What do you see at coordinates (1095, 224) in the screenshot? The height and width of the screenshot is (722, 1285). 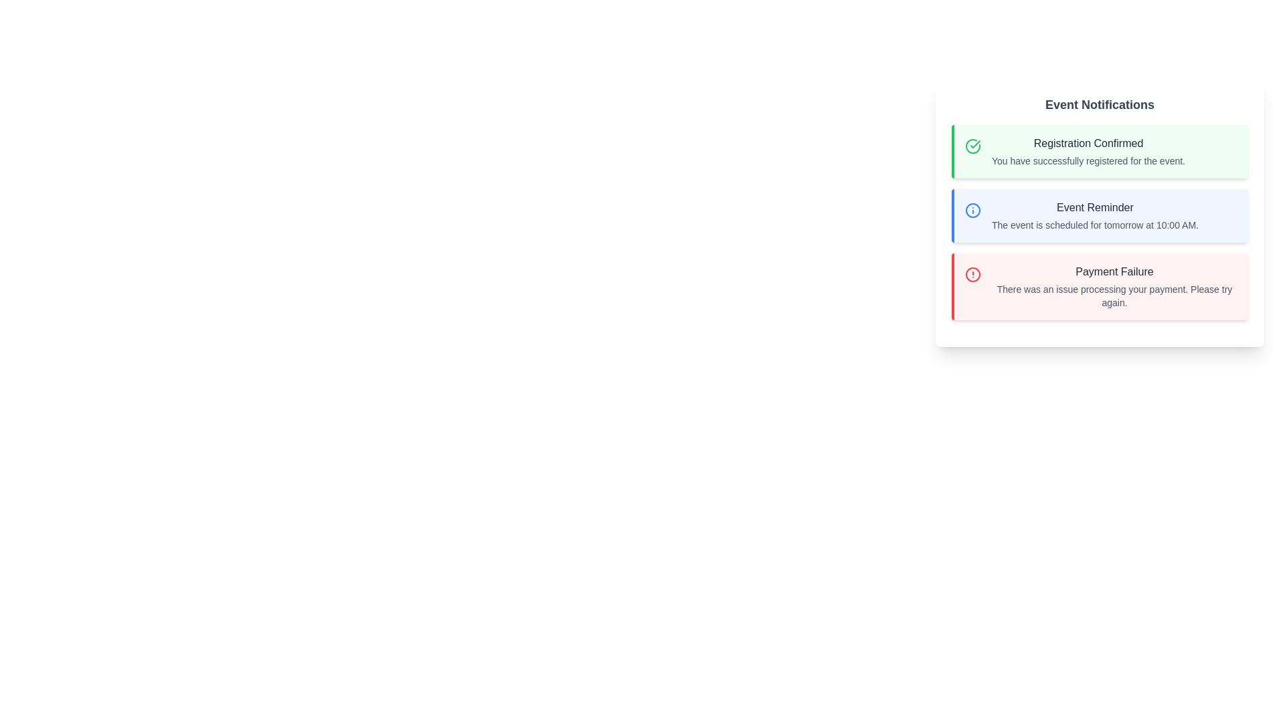 I see `the text label displaying 'The event is scheduled for tomorrow at 10:00 AM.', located beneath the 'Event Reminder' title within the blue-shaded notification box` at bounding box center [1095, 224].